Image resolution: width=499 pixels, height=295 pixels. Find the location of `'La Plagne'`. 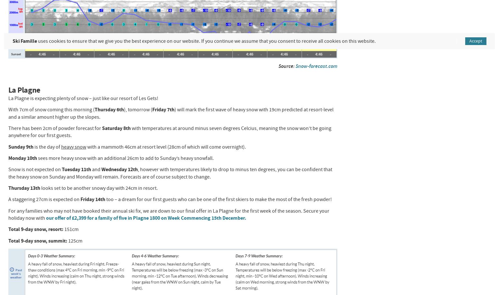

'La Plagne' is located at coordinates (7, 90).